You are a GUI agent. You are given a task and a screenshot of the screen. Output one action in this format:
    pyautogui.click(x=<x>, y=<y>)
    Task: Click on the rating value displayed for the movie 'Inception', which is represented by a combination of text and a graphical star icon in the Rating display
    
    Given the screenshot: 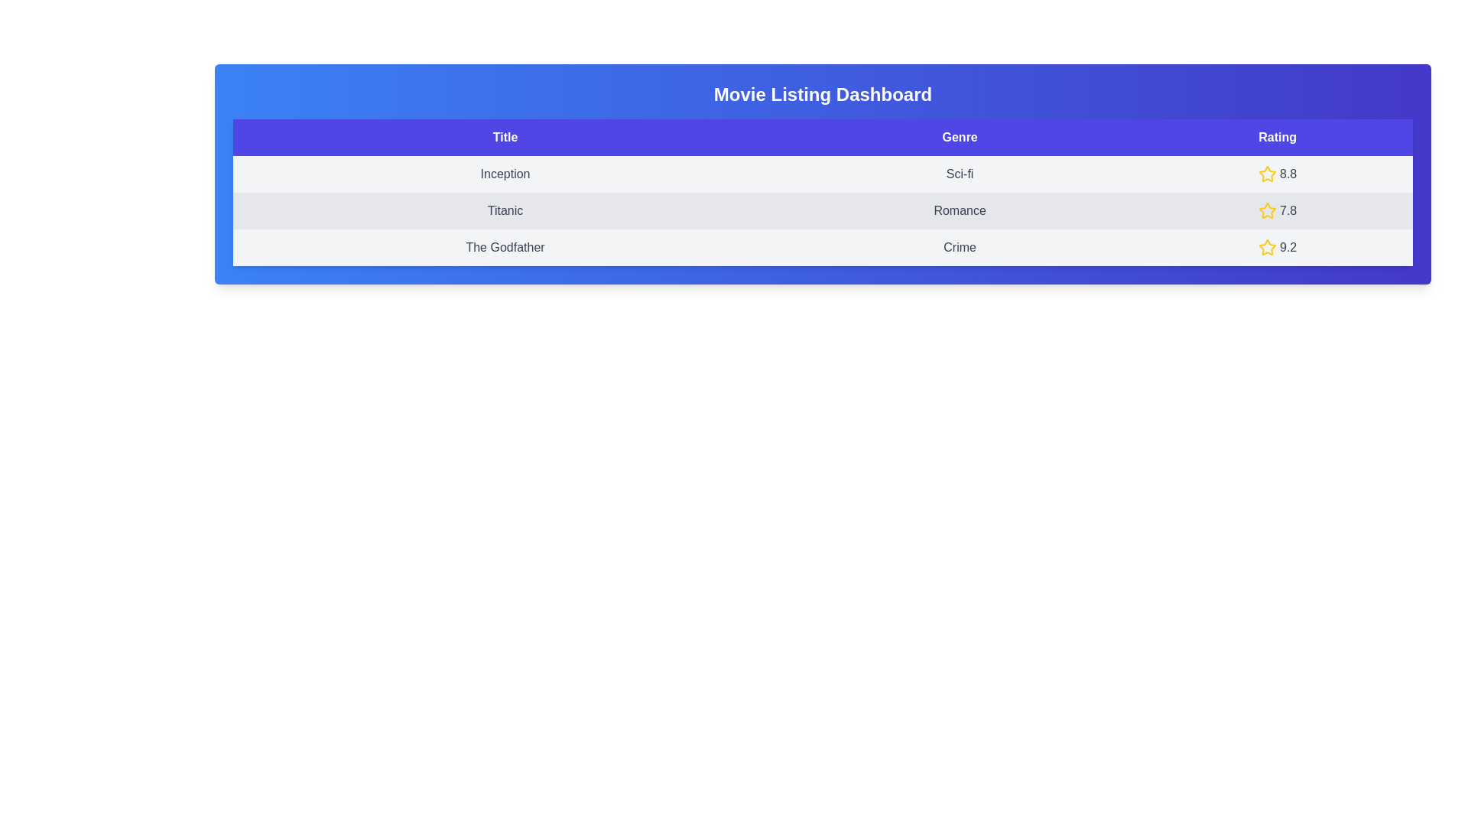 What is the action you would take?
    pyautogui.click(x=1278, y=173)
    